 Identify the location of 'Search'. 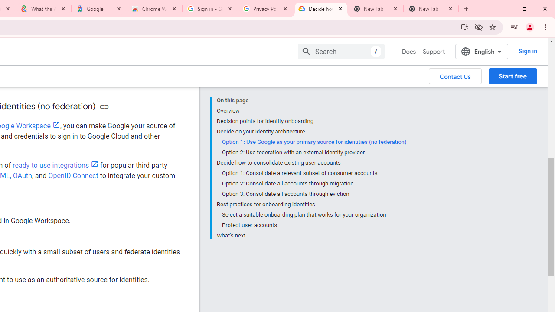
(340, 51).